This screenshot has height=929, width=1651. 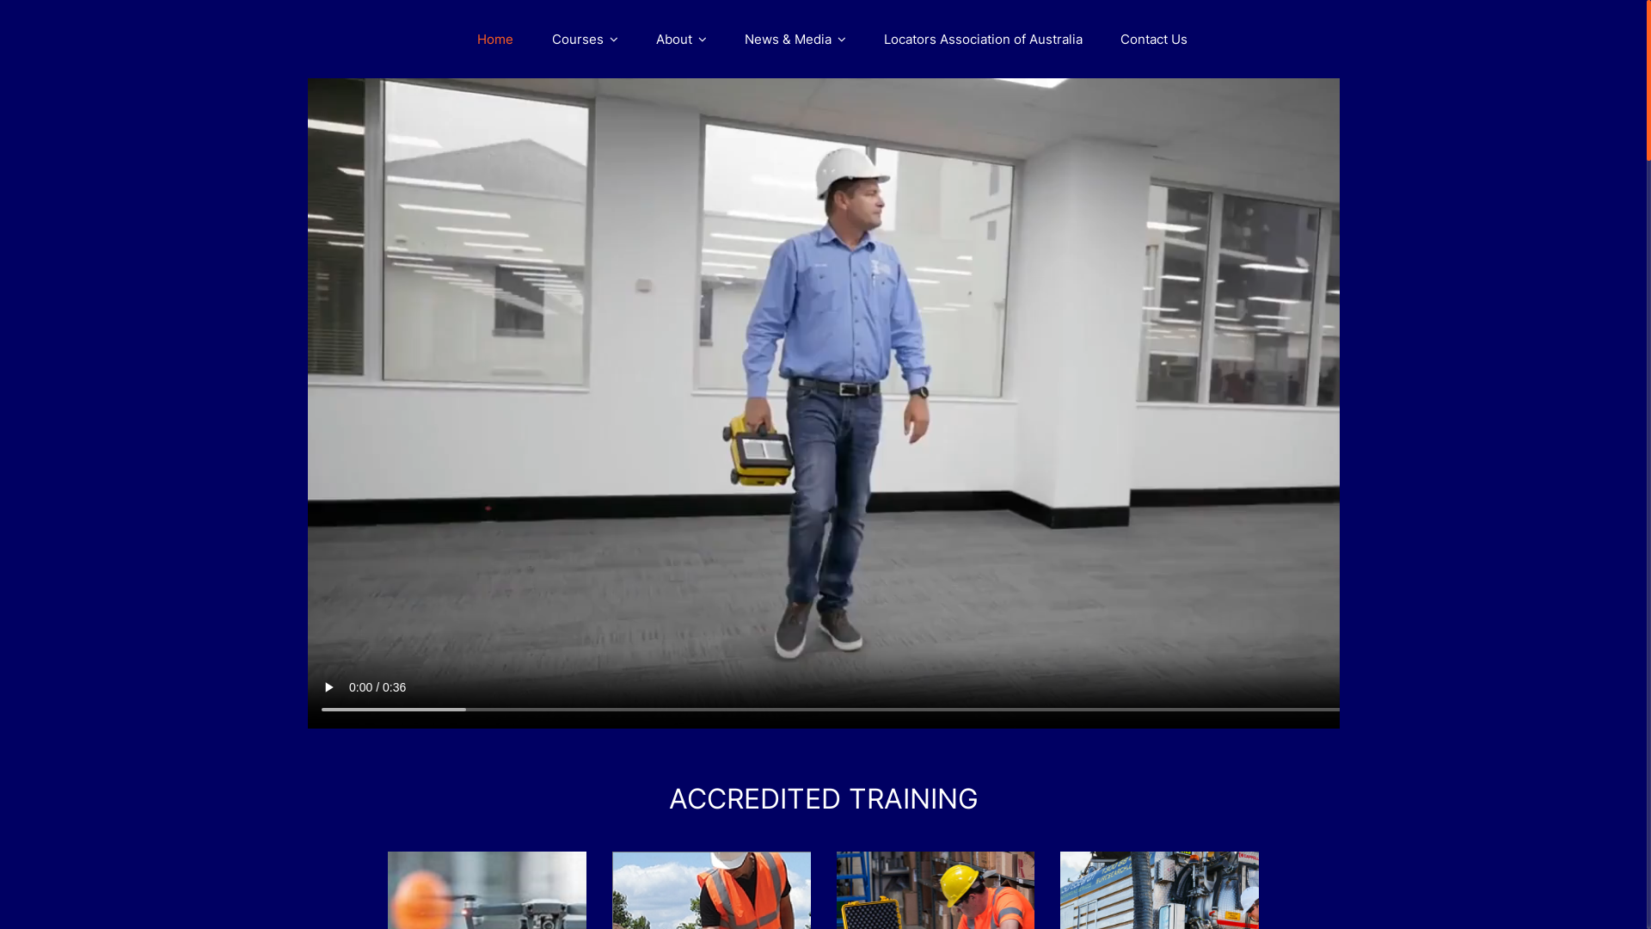 I want to click on 'Courses', so click(x=552, y=39).